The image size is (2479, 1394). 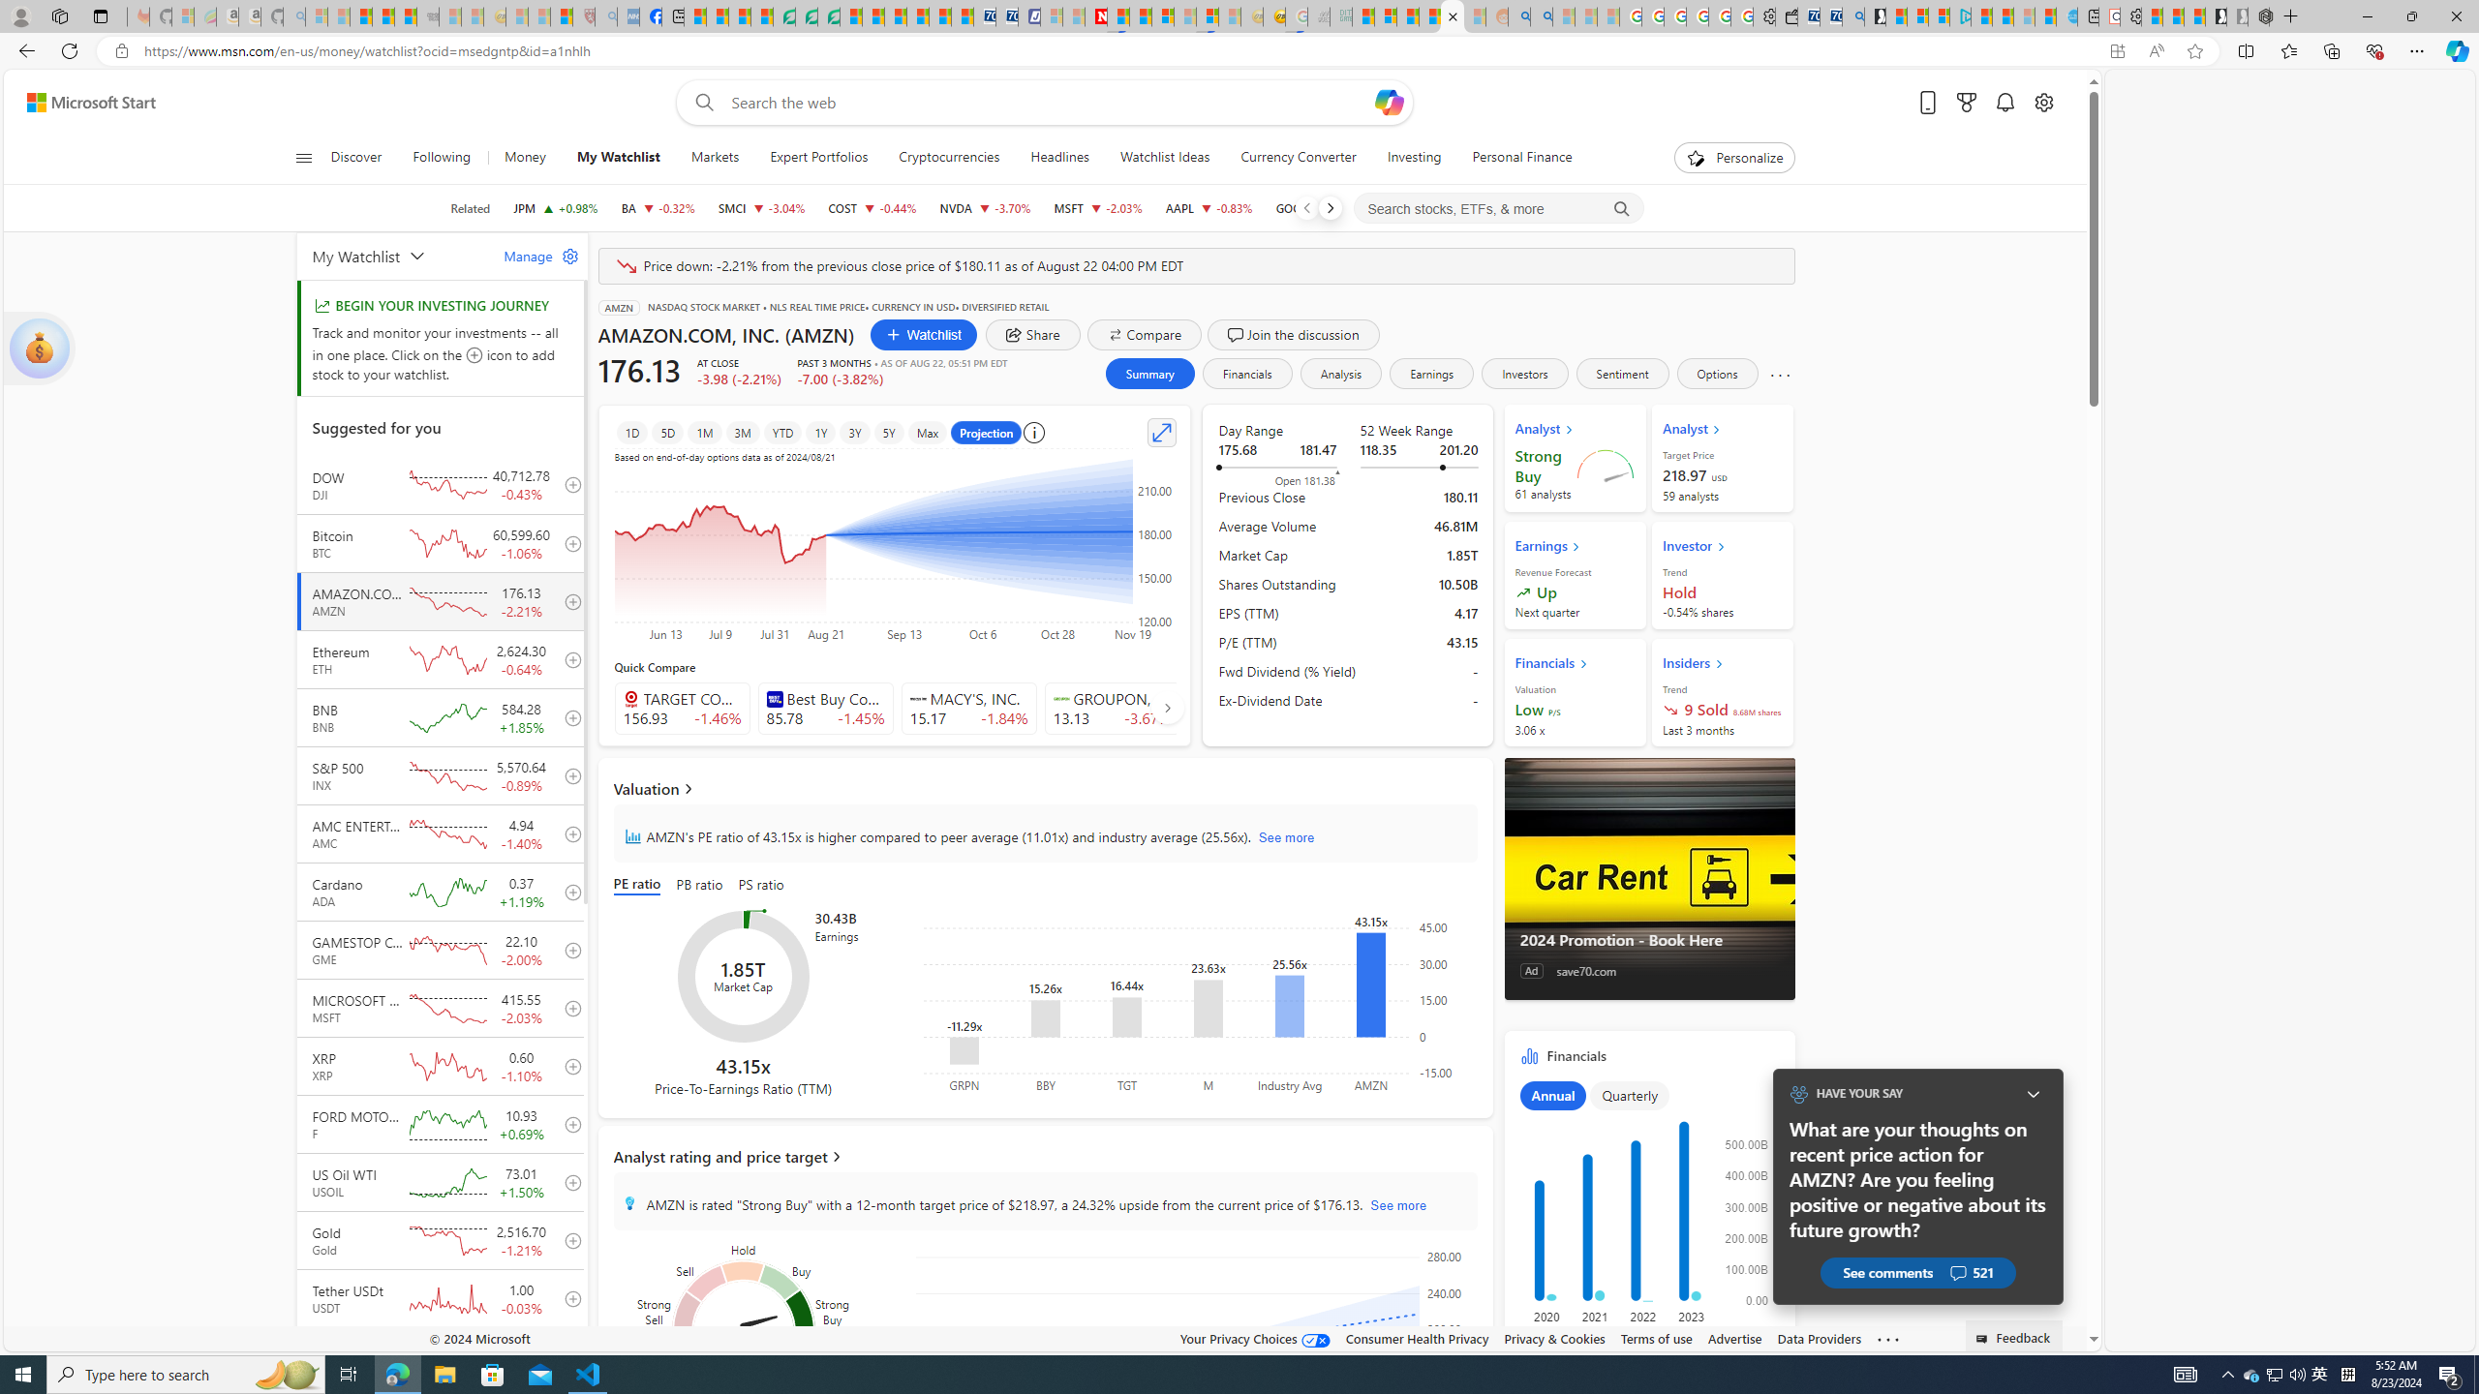 What do you see at coordinates (1886, 1338) in the screenshot?
I see `'Class: oneFooter_seeMore-DS-EntryPoint1-1'` at bounding box center [1886, 1338].